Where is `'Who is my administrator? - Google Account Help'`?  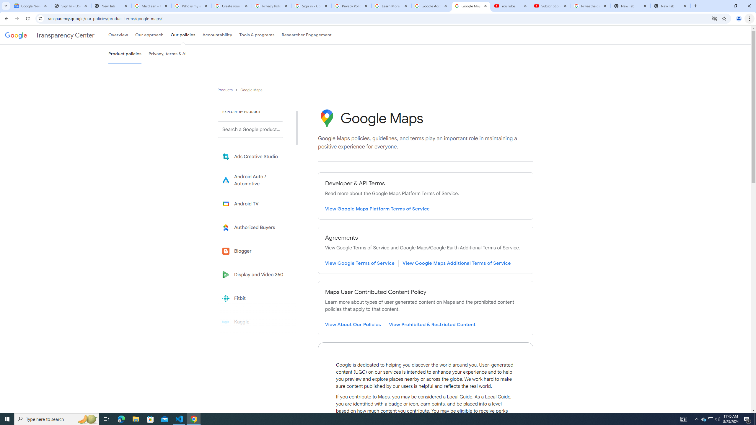 'Who is my administrator? - Google Account Help' is located at coordinates (191, 6).